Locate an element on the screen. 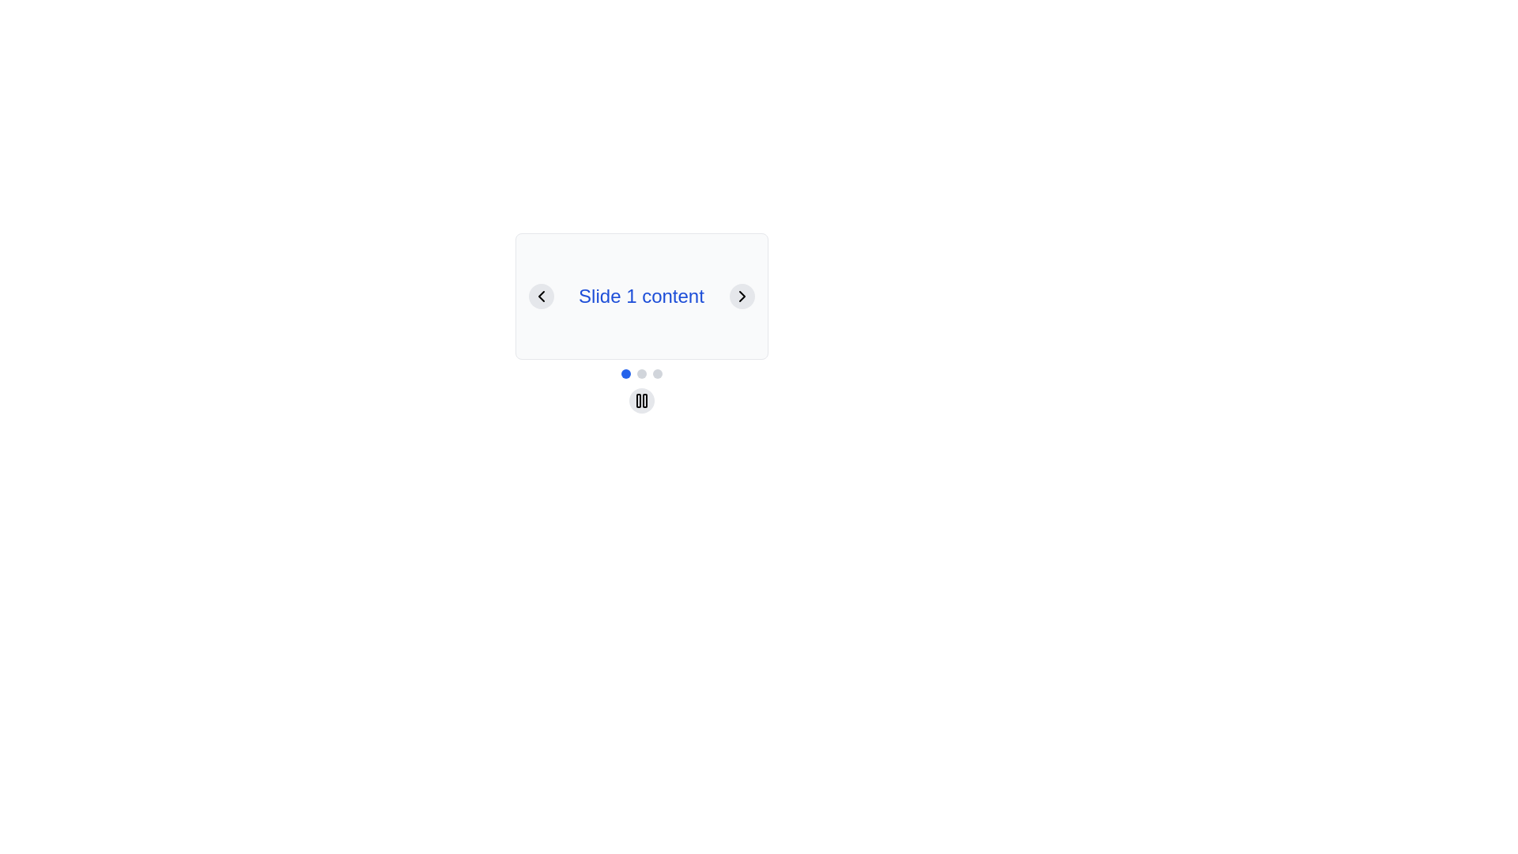 The height and width of the screenshot is (854, 1518). the middle blue circular indicator of the Carousel is located at coordinates (641, 374).